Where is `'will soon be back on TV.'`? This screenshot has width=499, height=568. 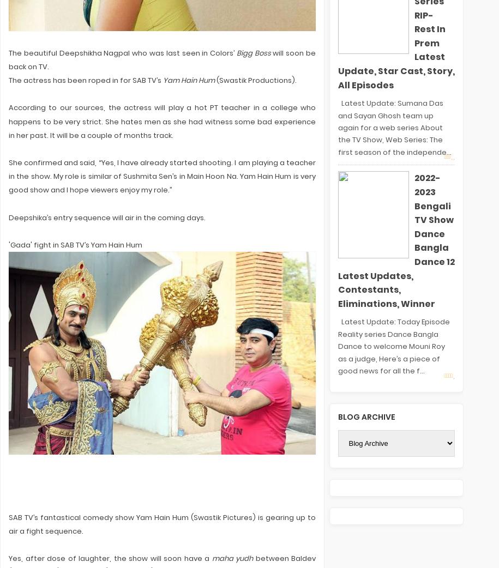 'will soon be back on TV.' is located at coordinates (161, 59).